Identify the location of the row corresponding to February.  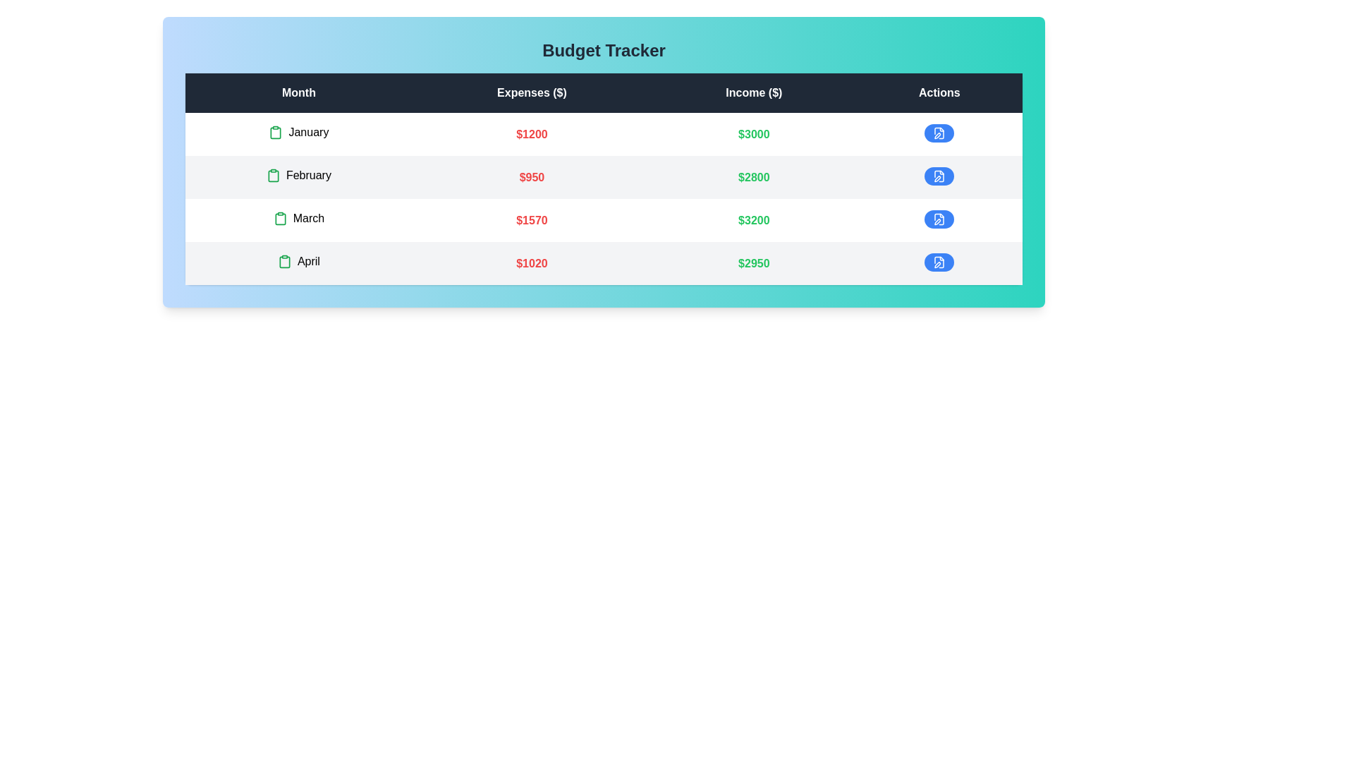
(604, 176).